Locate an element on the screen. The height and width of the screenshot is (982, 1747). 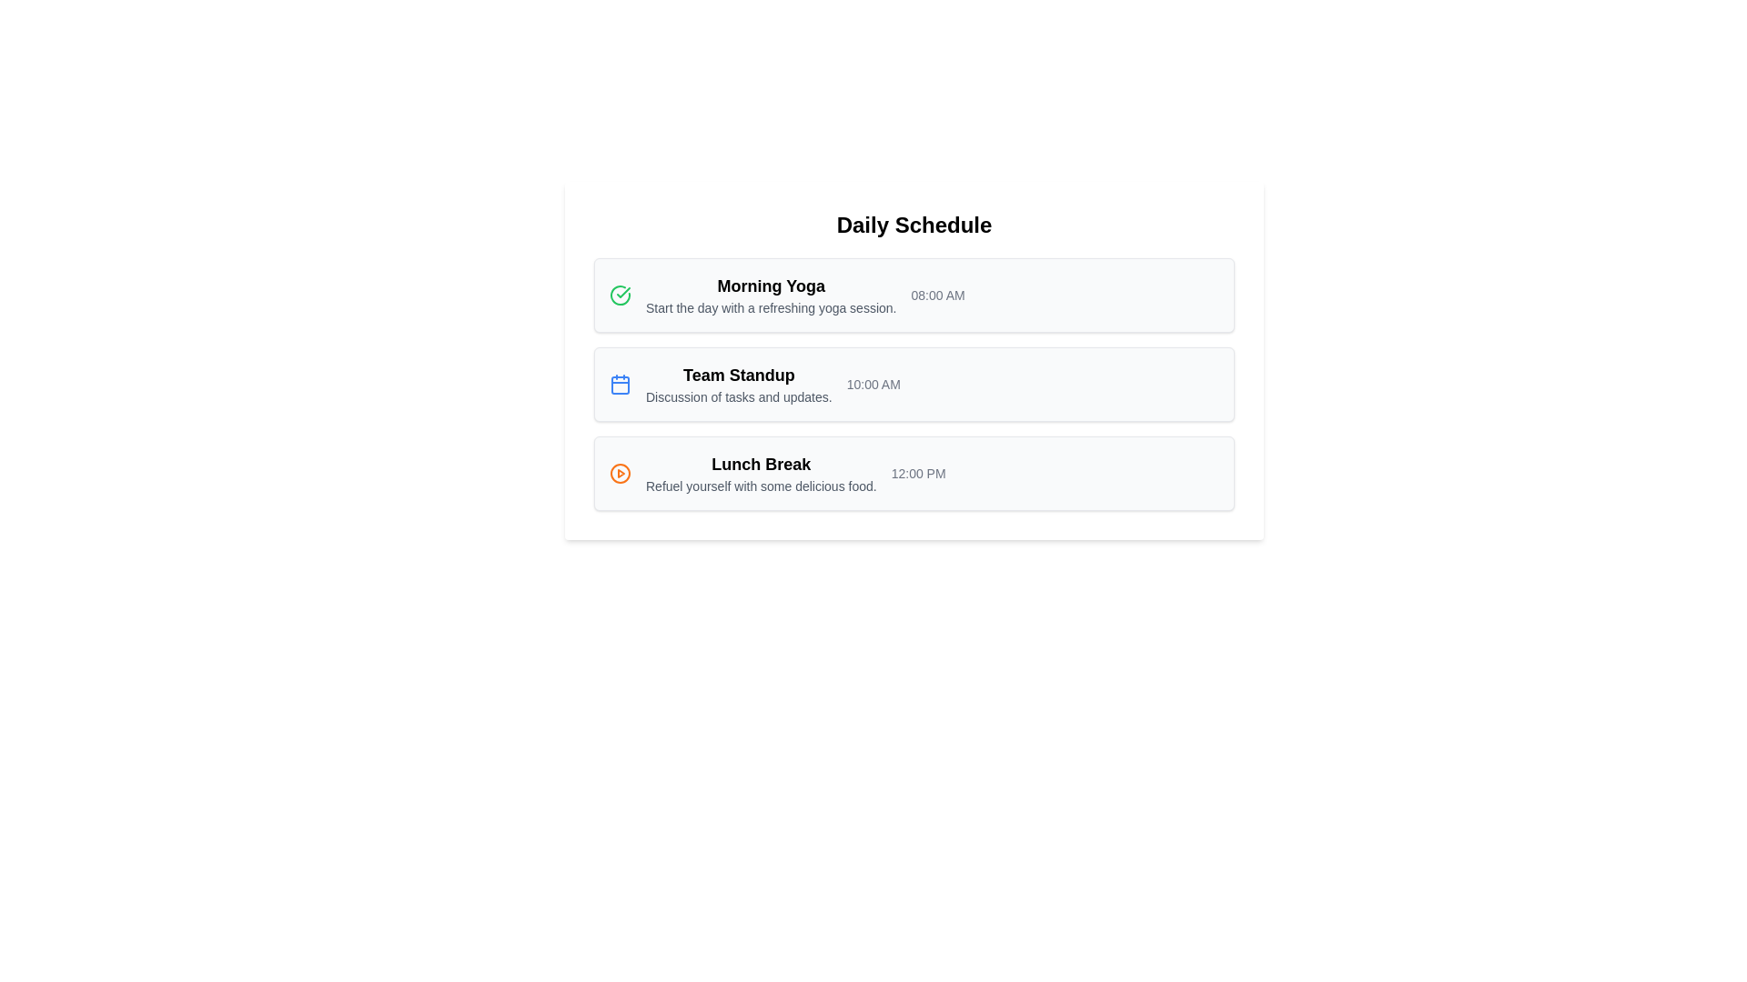
the static text label displaying the time value '12:00 PM', which is styled in a smaller font size, medium weight, and light gray color, located on the far right of the 'Lunch Break' row in the 'Daily Schedule' section is located at coordinates (918, 472).